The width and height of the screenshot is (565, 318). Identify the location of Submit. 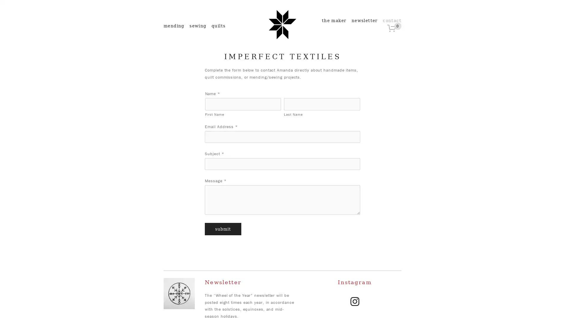
(223, 228).